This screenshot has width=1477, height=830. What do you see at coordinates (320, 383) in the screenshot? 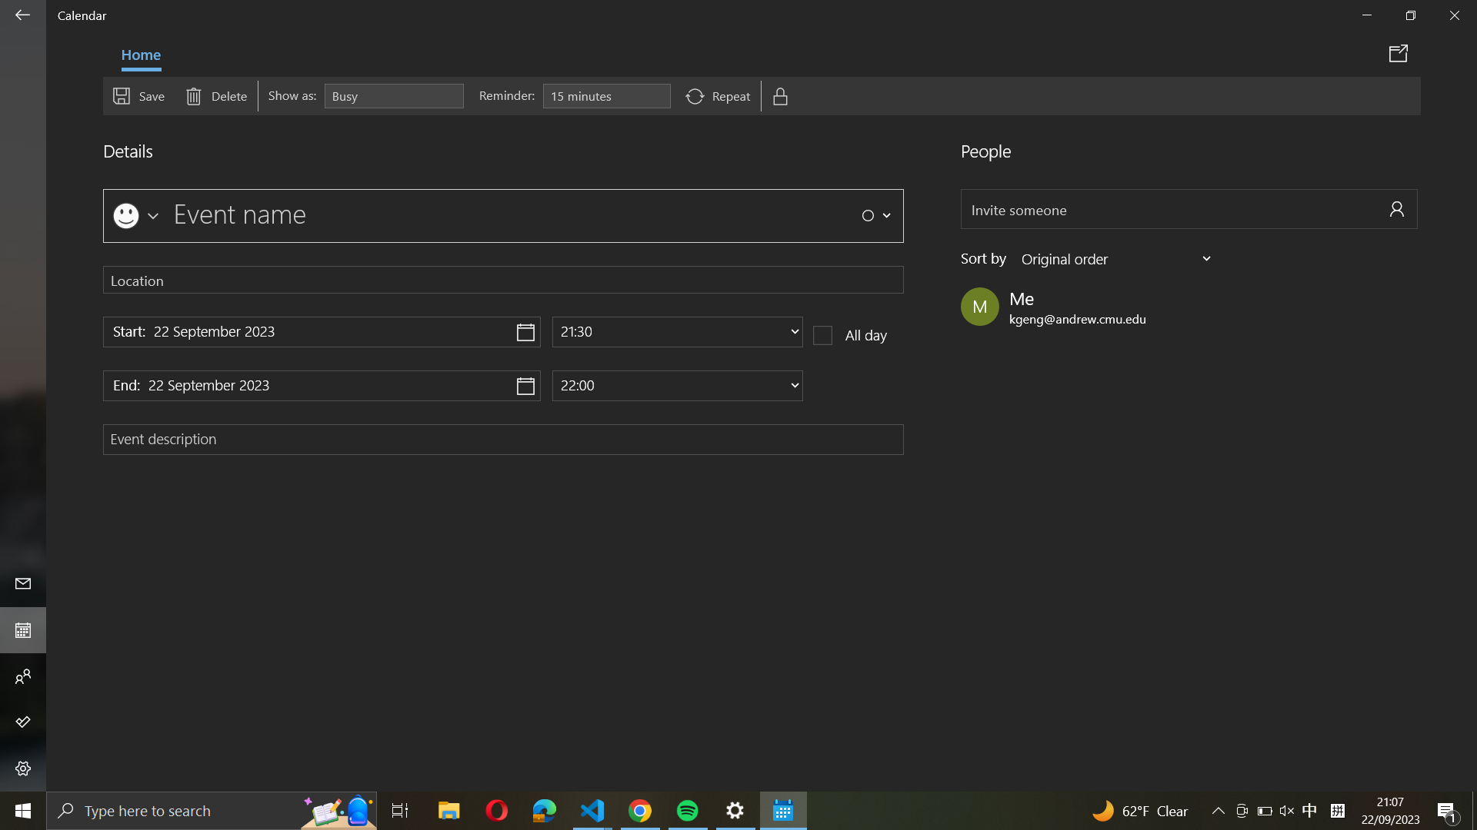
I see `Click to option to set end date` at bounding box center [320, 383].